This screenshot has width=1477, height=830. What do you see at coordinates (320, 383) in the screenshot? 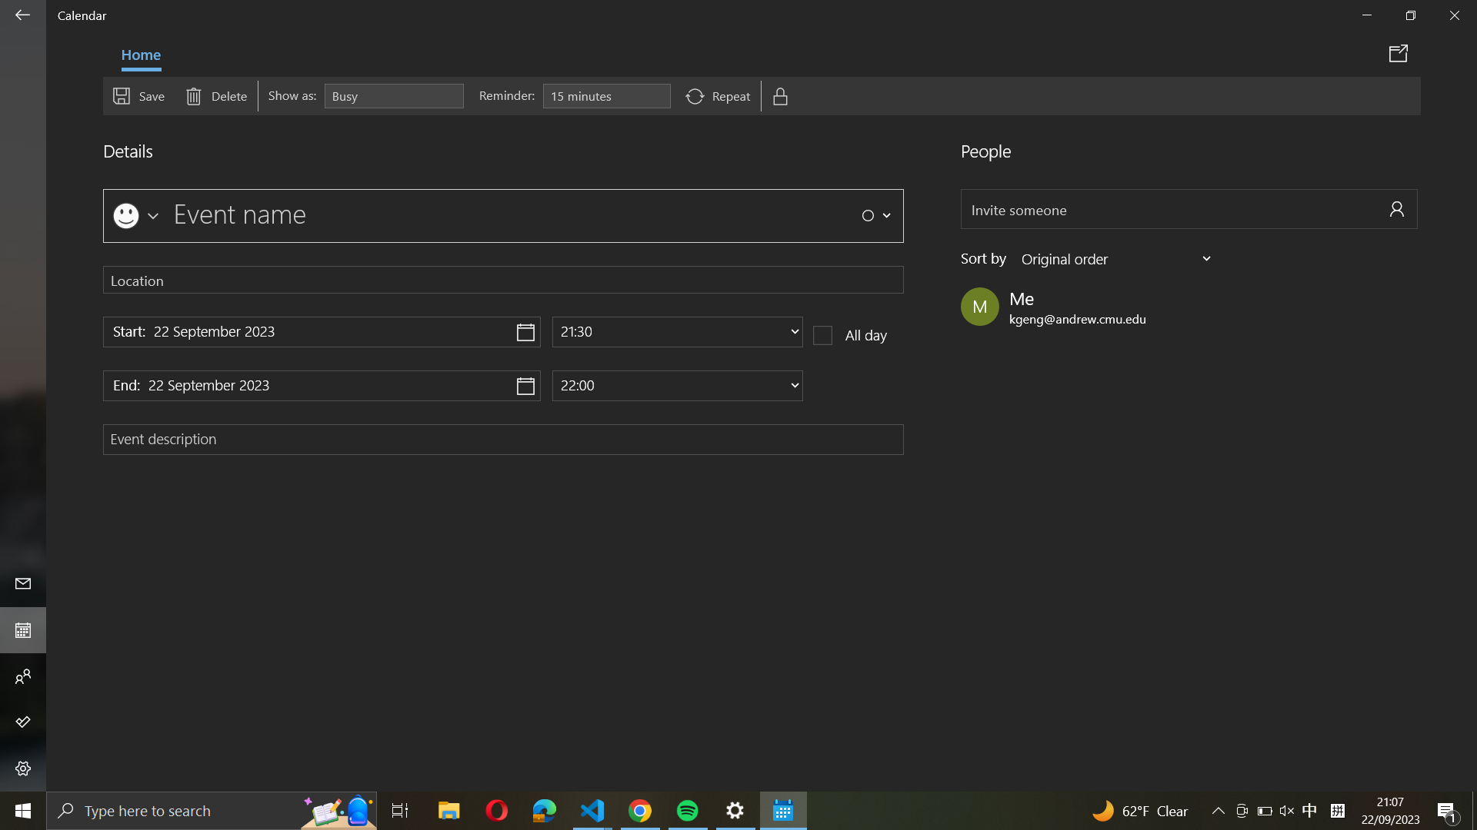
I see `Click to option to set end date` at bounding box center [320, 383].